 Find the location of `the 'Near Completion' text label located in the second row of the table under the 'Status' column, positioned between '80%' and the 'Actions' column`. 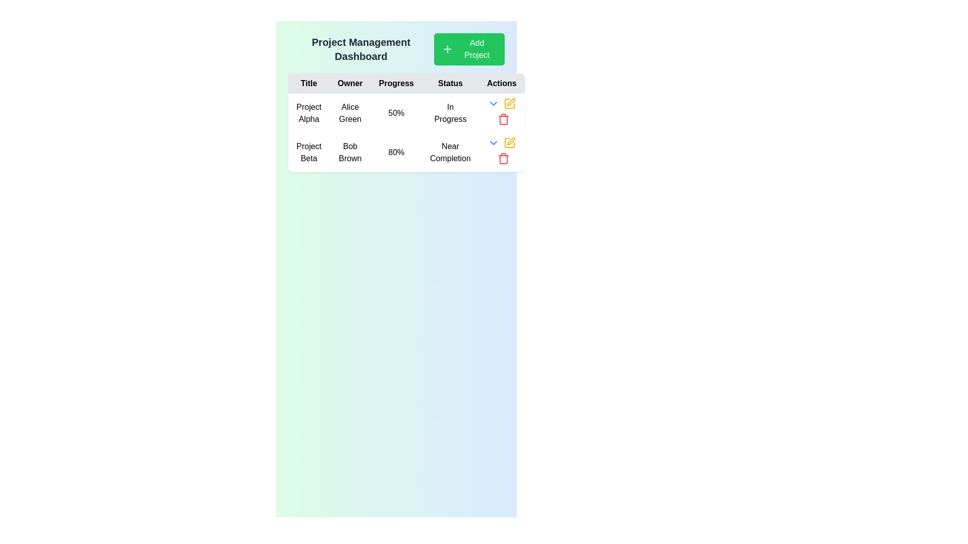

the 'Near Completion' text label located in the second row of the table under the 'Status' column, positioned between '80%' and the 'Actions' column is located at coordinates (450, 153).